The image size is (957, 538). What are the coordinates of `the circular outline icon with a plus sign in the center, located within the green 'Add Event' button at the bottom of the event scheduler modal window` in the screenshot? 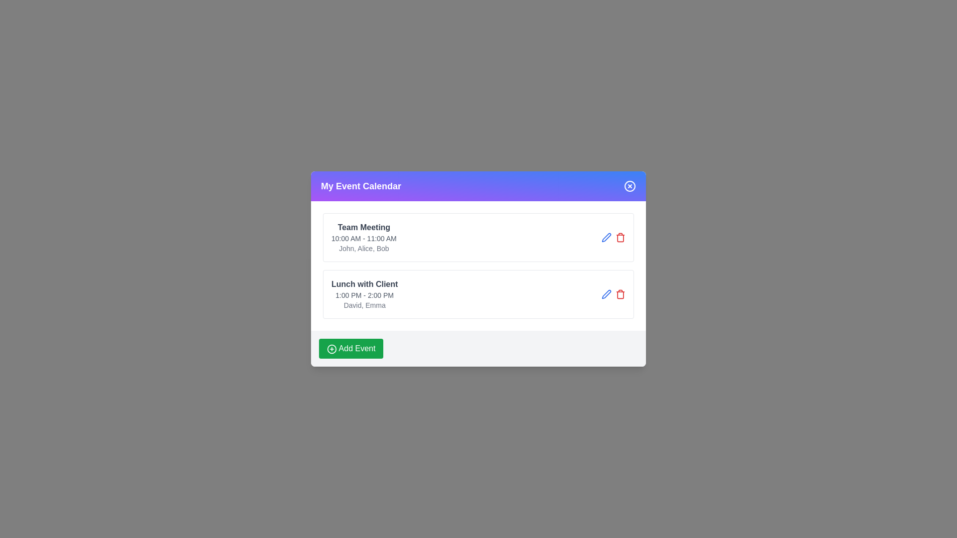 It's located at (332, 348).